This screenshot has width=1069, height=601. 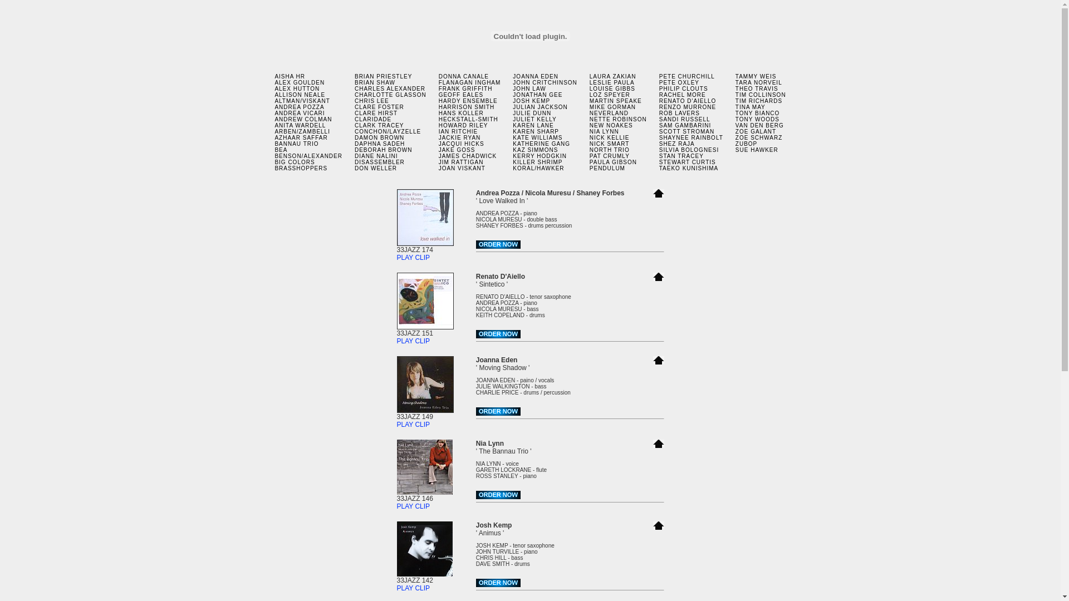 I want to click on 'SCOTT STROMAN', so click(x=686, y=131).